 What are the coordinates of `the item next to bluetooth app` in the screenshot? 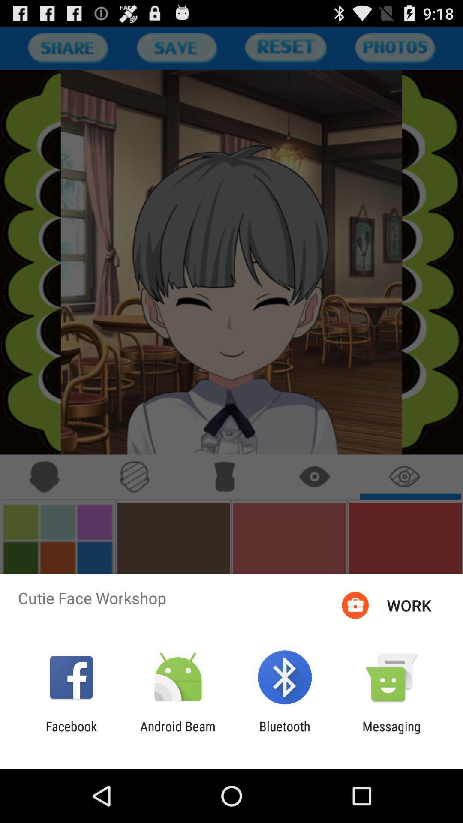 It's located at (177, 733).